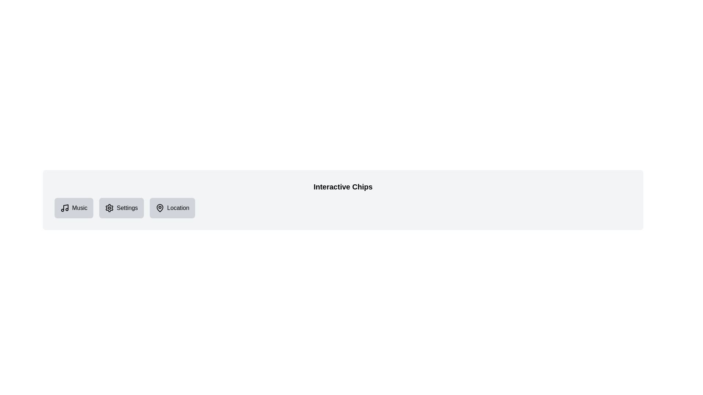 This screenshot has width=703, height=395. What do you see at coordinates (121, 208) in the screenshot?
I see `the chip labeled Settings to observe its hover effect` at bounding box center [121, 208].